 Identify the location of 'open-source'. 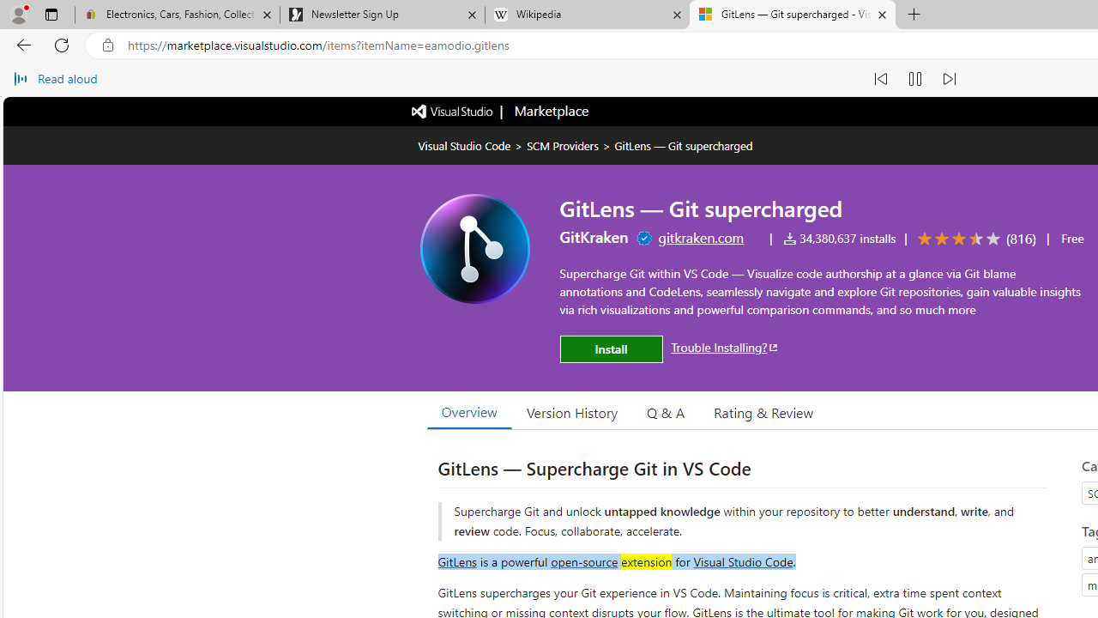
(584, 560).